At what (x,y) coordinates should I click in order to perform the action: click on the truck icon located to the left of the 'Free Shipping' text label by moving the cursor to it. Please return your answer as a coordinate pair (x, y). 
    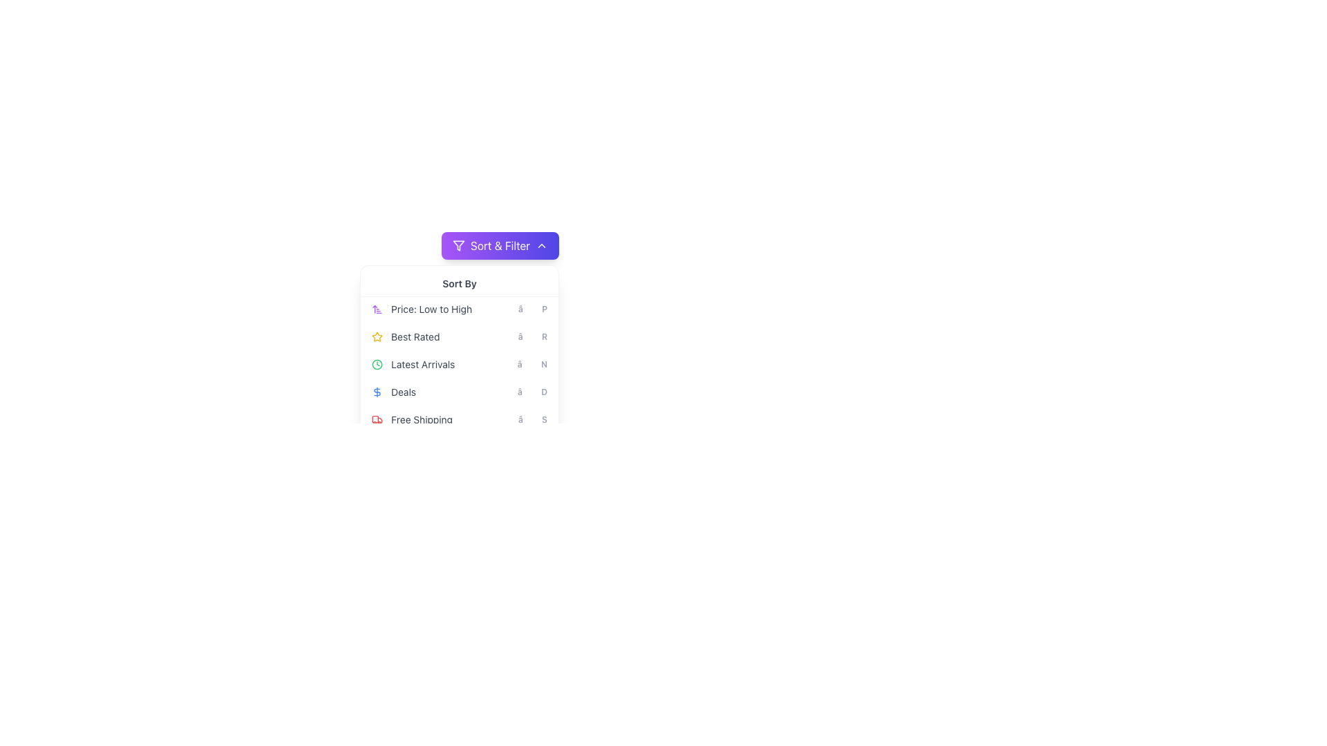
    Looking at the image, I should click on (377, 419).